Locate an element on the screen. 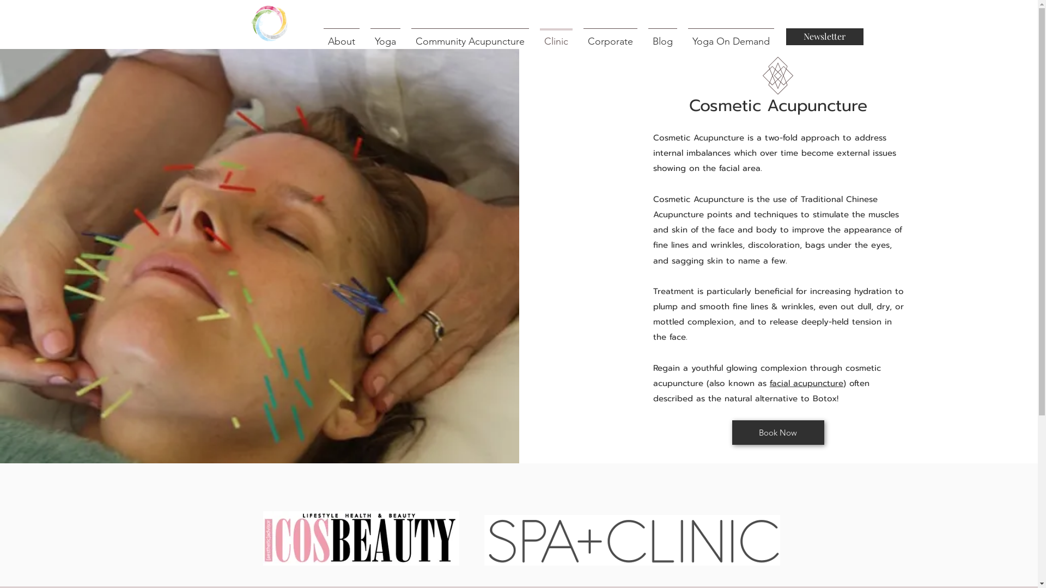 Image resolution: width=1046 pixels, height=588 pixels. 'About' is located at coordinates (318, 36).